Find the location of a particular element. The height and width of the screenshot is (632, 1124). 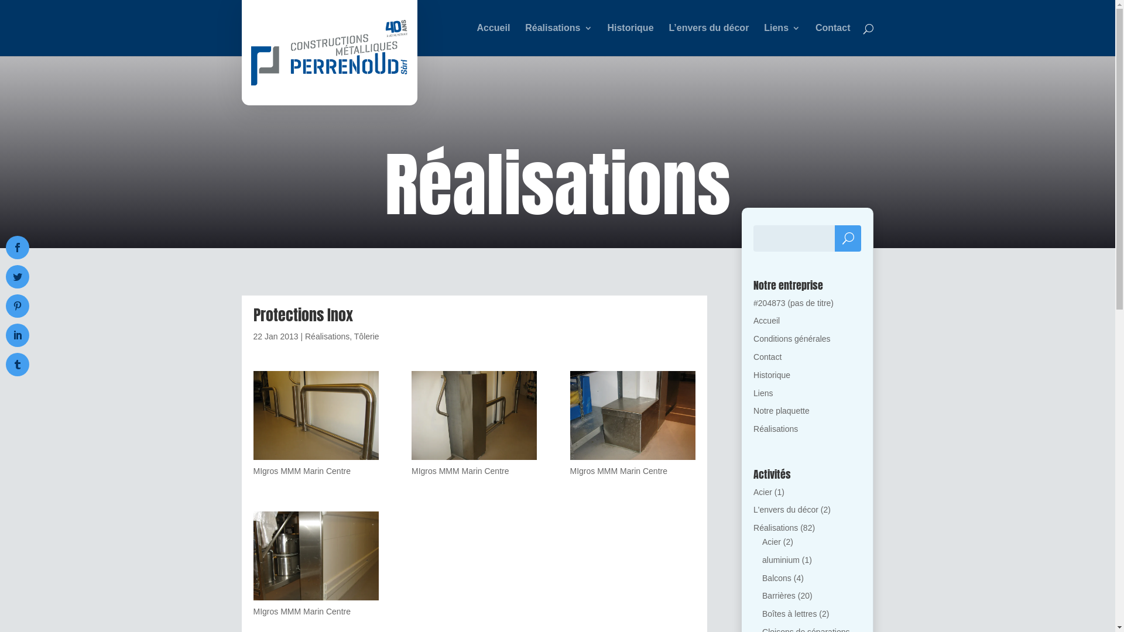

'Contact' is located at coordinates (767, 356).